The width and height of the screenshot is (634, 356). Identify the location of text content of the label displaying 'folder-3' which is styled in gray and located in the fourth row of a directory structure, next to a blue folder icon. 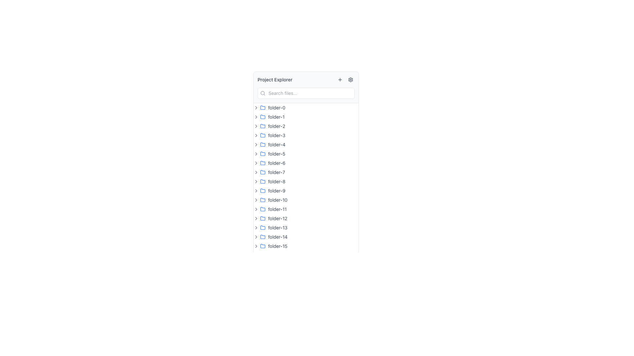
(277, 135).